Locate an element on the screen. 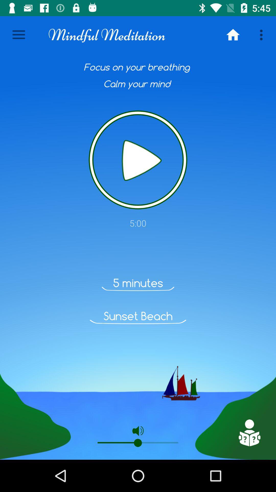 This screenshot has width=276, height=492. play is located at coordinates (138, 160).